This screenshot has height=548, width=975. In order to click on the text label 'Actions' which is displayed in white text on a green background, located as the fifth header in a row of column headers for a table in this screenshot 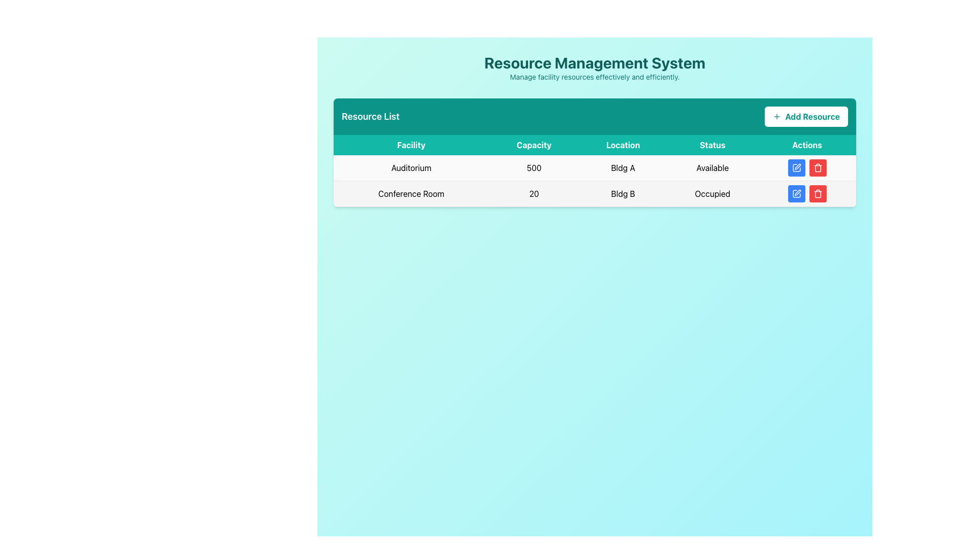, I will do `click(806, 145)`.